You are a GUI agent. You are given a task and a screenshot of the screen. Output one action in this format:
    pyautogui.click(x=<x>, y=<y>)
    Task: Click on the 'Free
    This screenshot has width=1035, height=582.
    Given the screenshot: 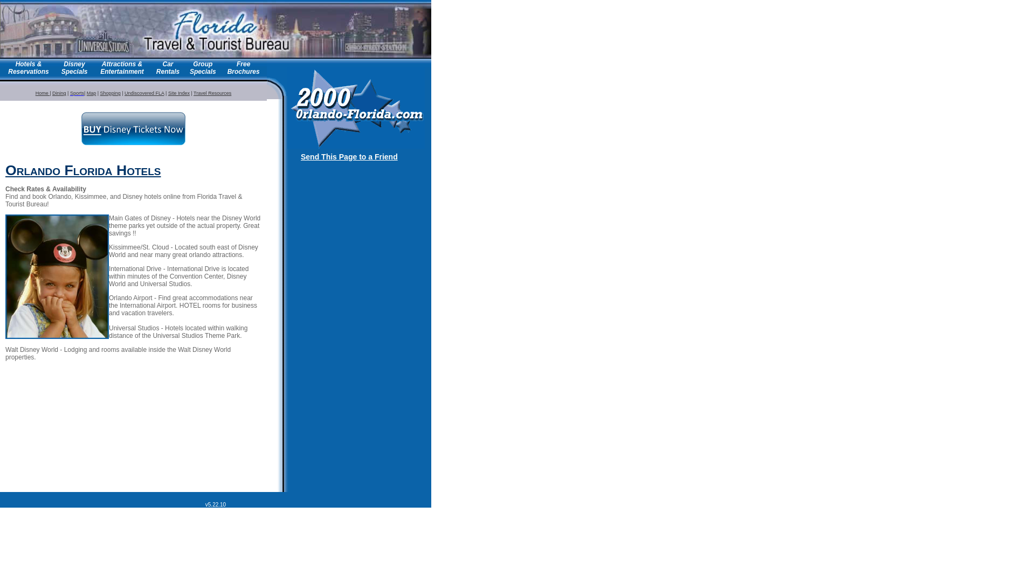 What is the action you would take?
    pyautogui.click(x=243, y=68)
    